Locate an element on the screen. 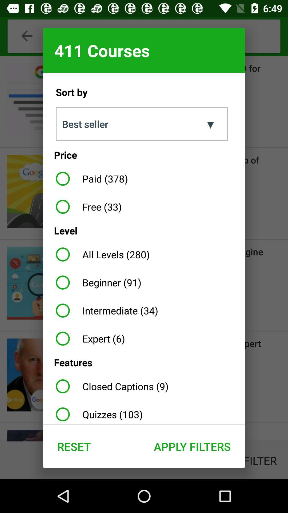 Image resolution: width=288 pixels, height=513 pixels. the app below the features item is located at coordinates (110, 386).